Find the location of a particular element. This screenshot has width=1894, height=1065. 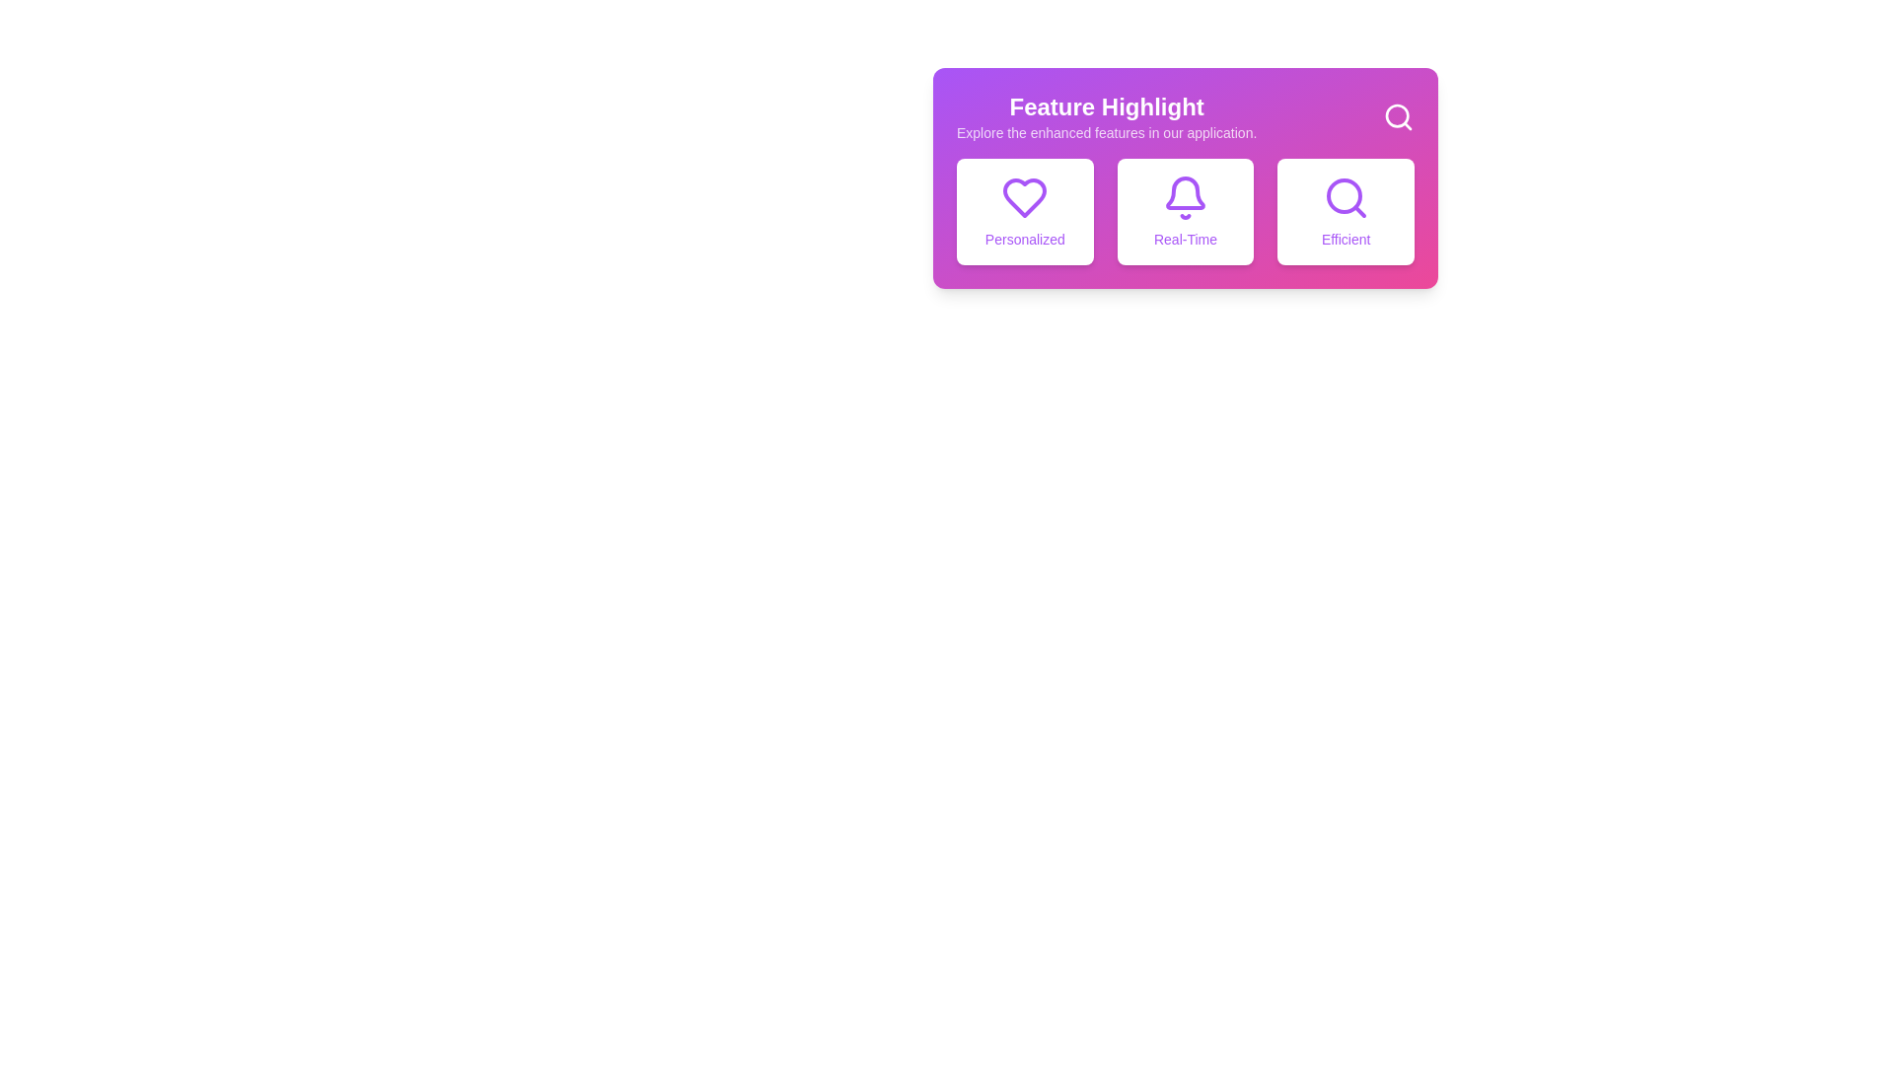

the decorative circular shape at the center of the purple magnifying glass icon, which is part of the search functionality related to 'Efficient' in the third card under 'Feature Highlight' is located at coordinates (1343, 196).